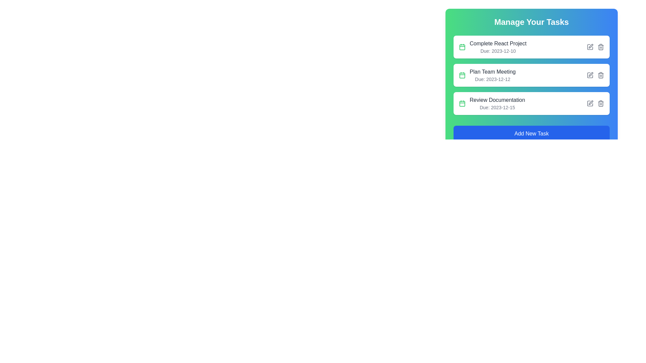 This screenshot has height=363, width=646. Describe the element at coordinates (497, 104) in the screenshot. I see `the task entry for 'Review Documentation' with the due date '2023-12-15' located in the third row of the tasks list under 'Manage Your Tasks'` at that location.